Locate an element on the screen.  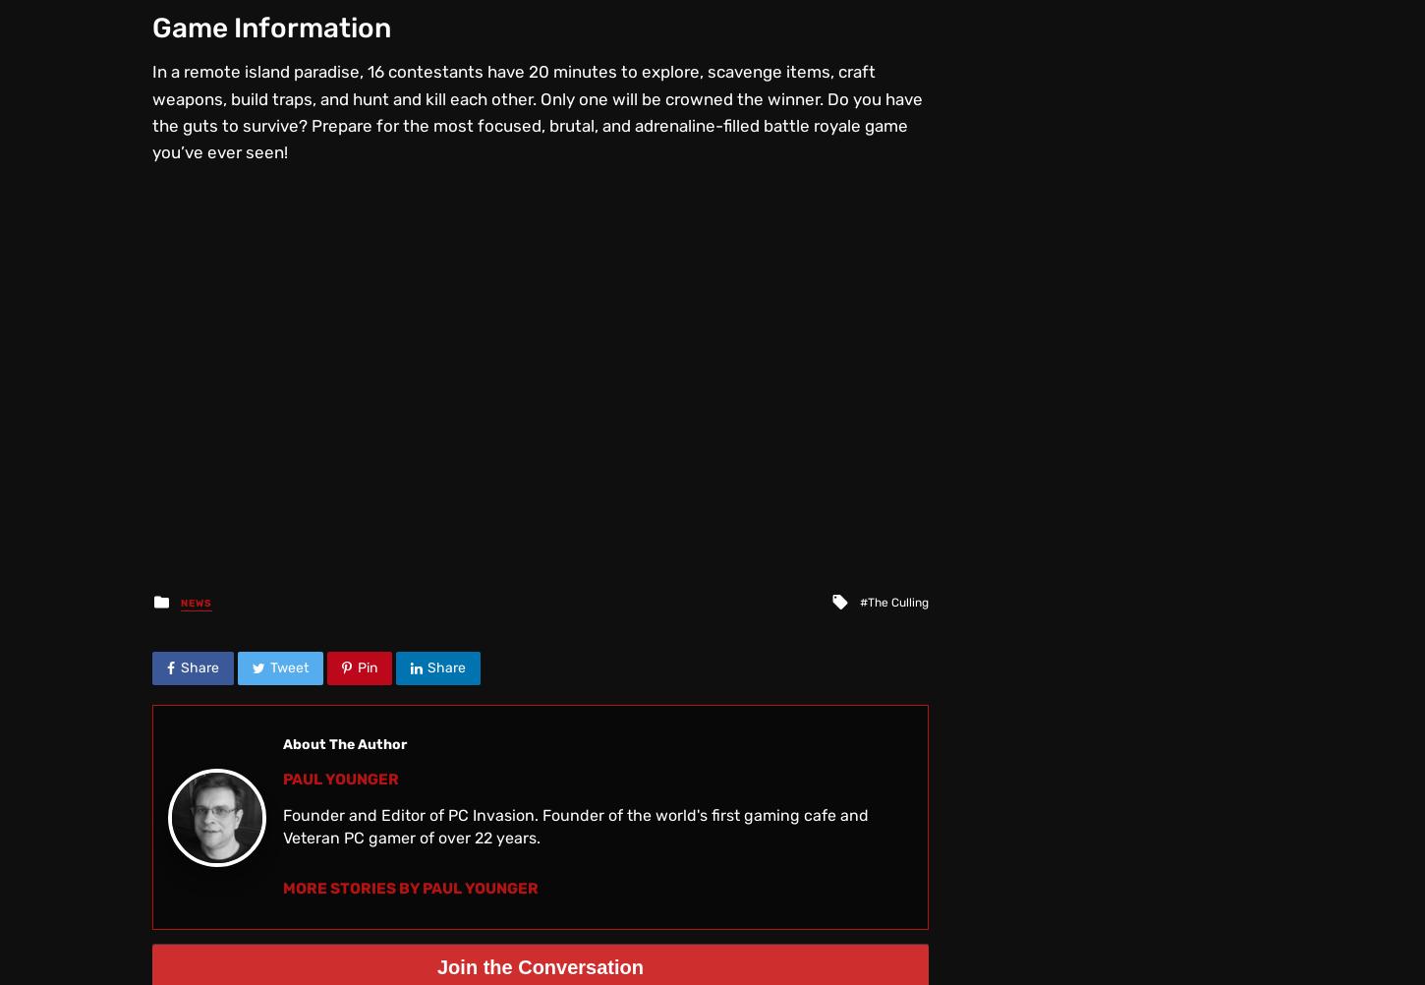
'More Stories by Paul Younger' is located at coordinates (410, 889).